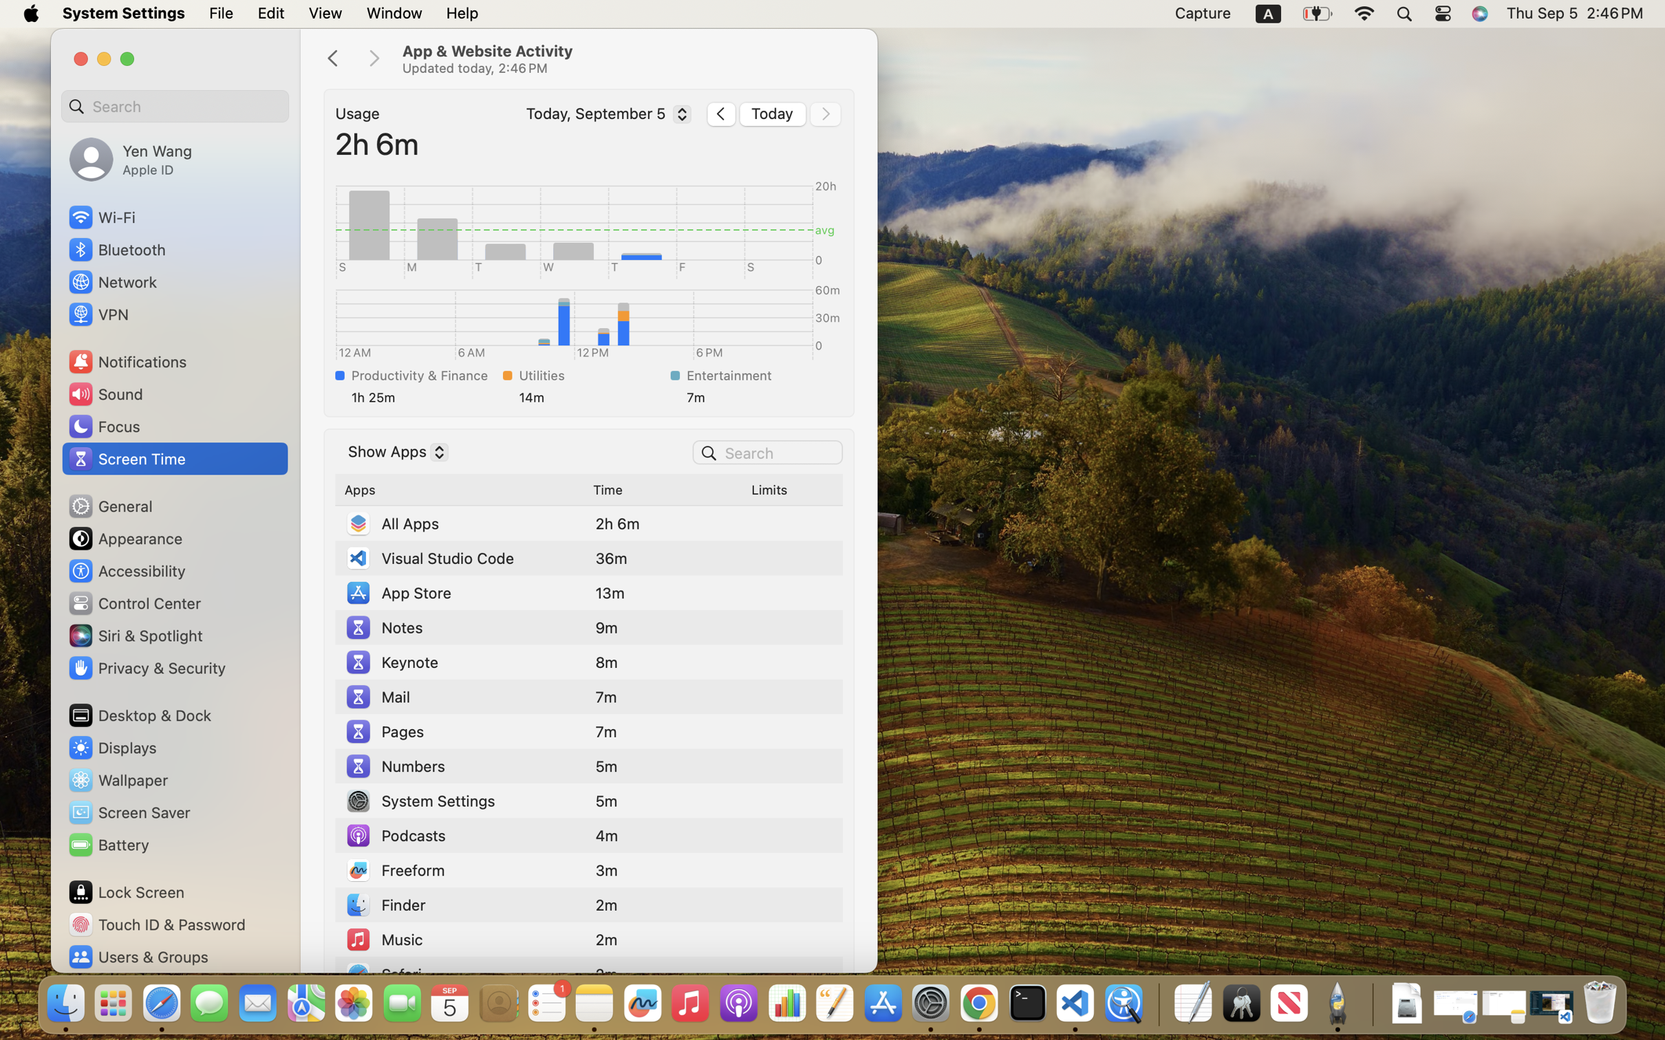  What do you see at coordinates (125, 891) in the screenshot?
I see `'Lock Screen'` at bounding box center [125, 891].